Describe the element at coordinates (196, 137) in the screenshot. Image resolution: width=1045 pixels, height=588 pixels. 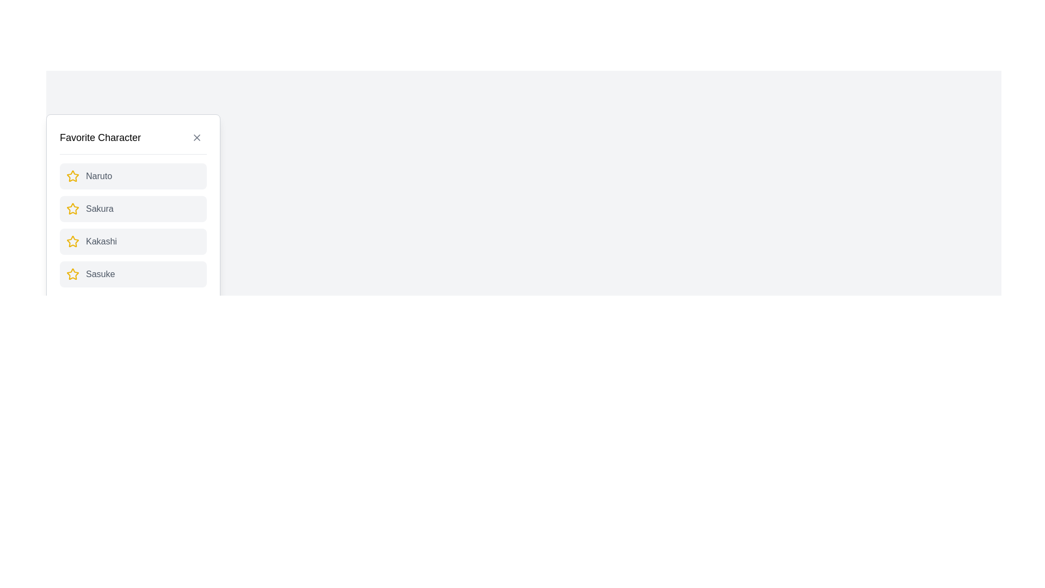
I see `the close icon button in the top-right corner of the 'Favorite Character' card` at that location.